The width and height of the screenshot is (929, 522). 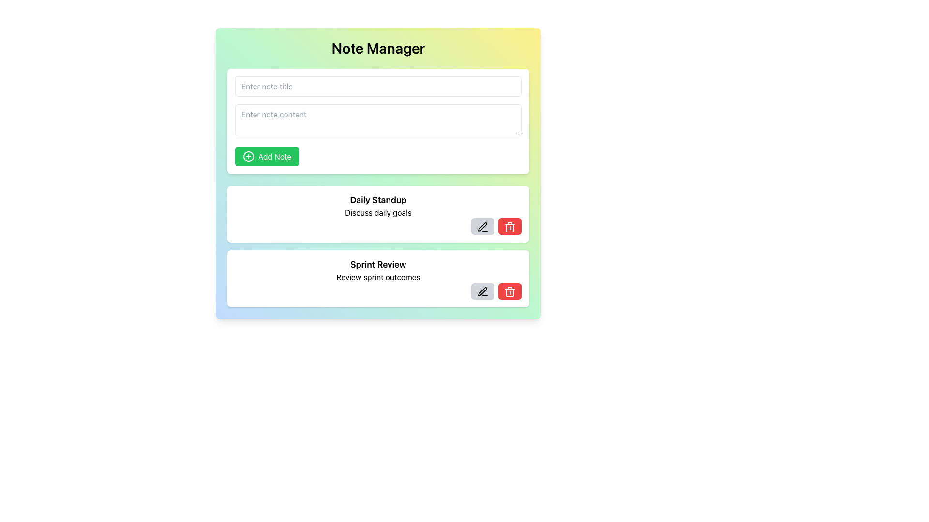 I want to click on the 'edit' button located in the right-aligned action block of the second note card, so click(x=483, y=226).